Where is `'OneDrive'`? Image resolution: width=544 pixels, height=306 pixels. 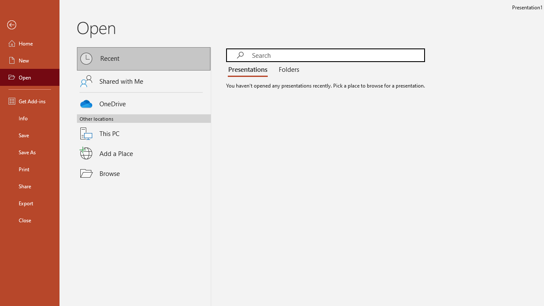 'OneDrive' is located at coordinates (144, 102).